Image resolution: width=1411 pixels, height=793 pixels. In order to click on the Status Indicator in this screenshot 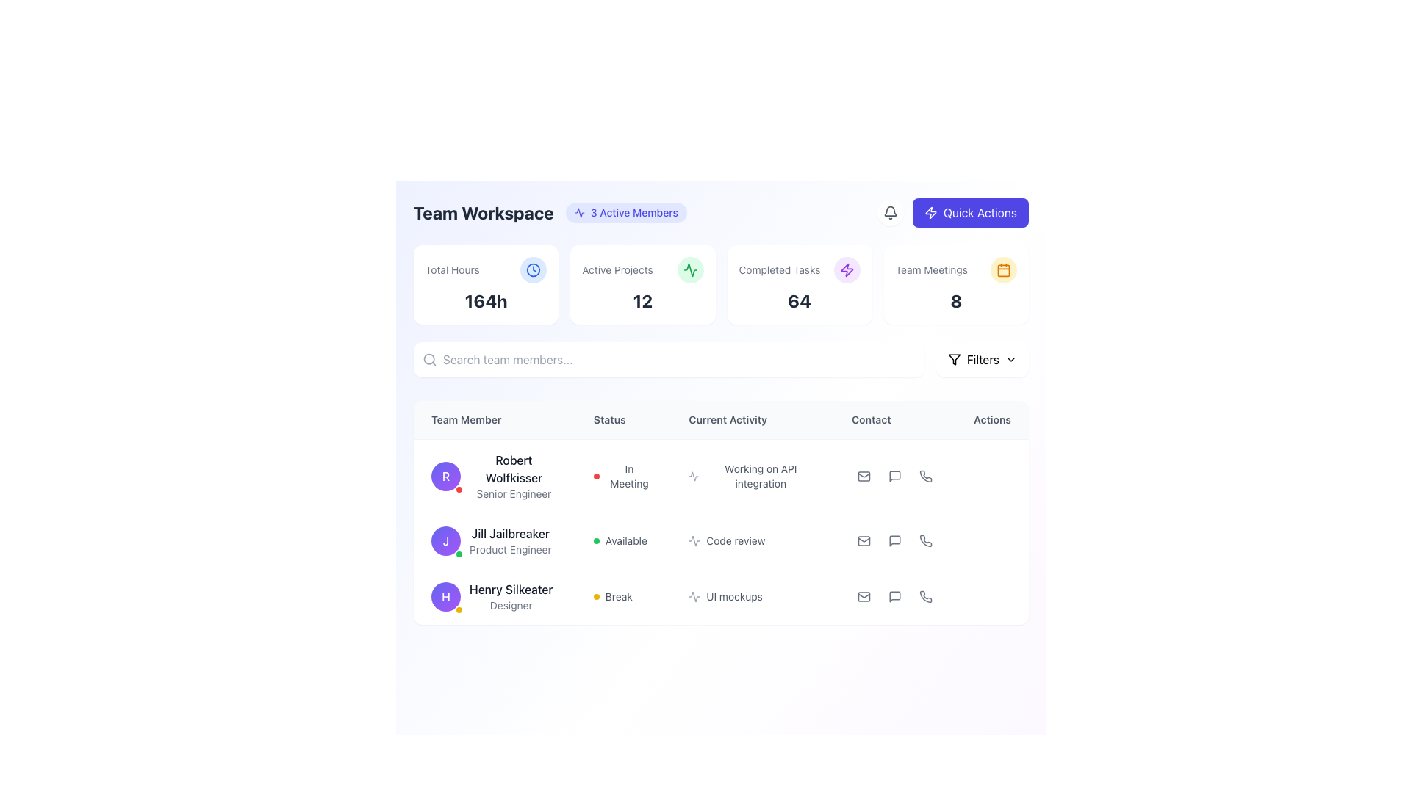, I will do `click(623, 476)`.